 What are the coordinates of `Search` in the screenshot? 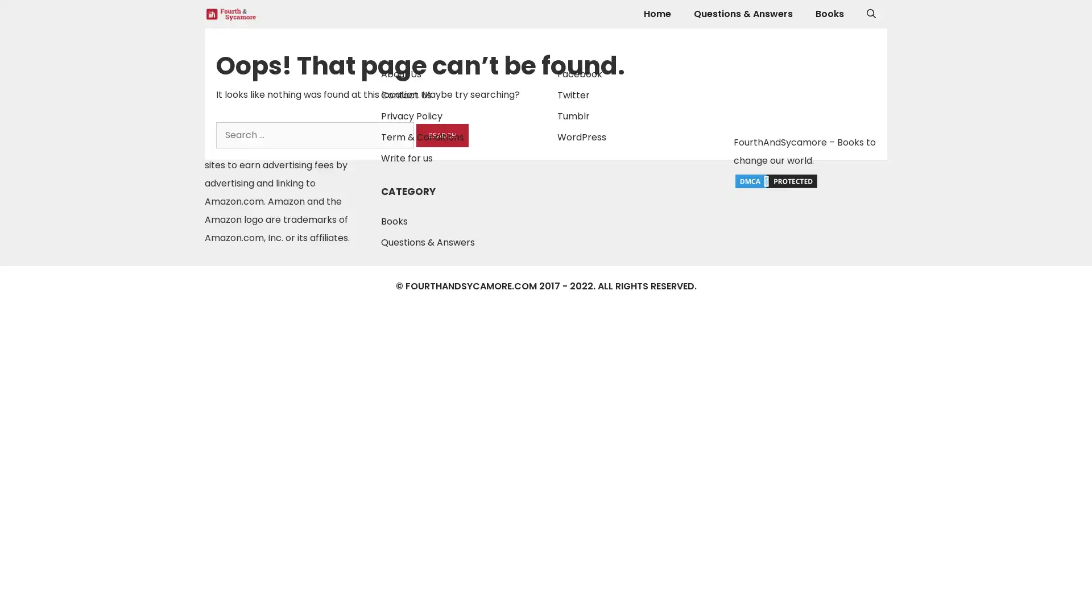 It's located at (441, 135).